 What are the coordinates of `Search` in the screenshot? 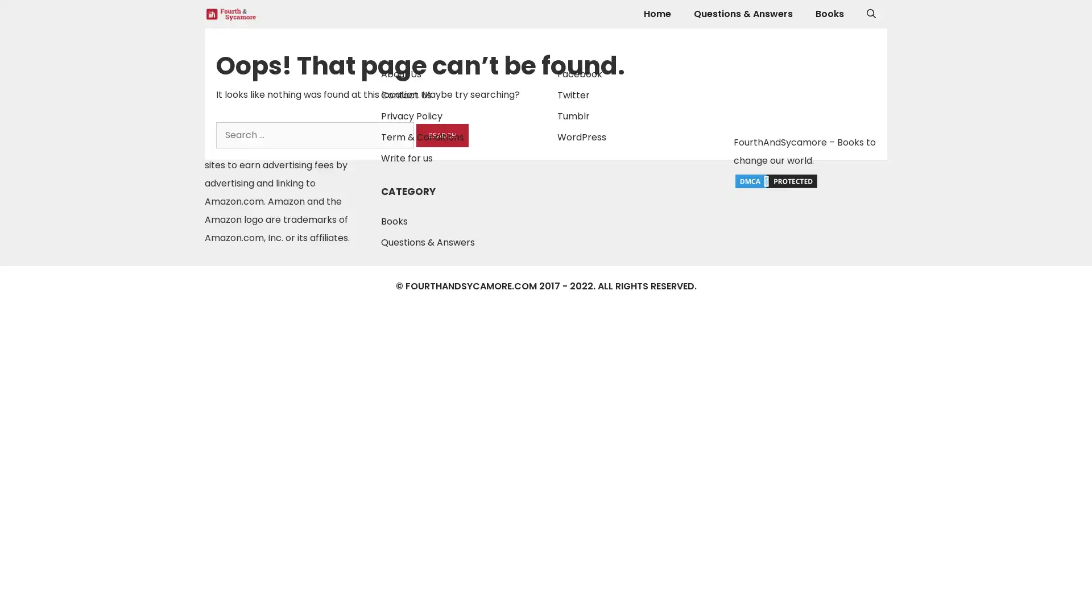 It's located at (441, 135).